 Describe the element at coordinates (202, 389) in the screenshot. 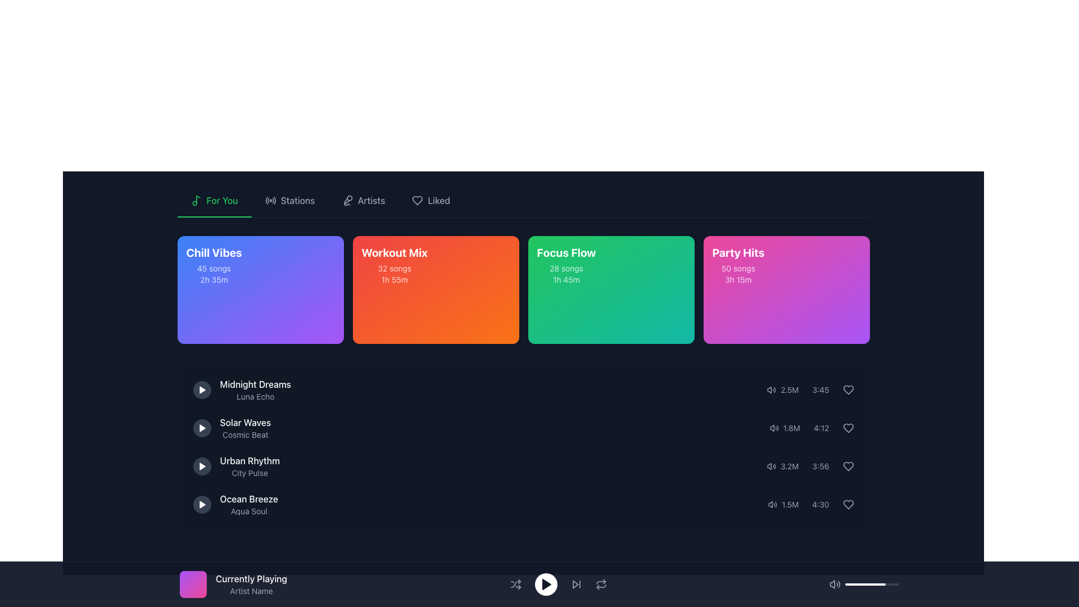

I see `the upward-pointing triangle play button within the circular graphic for the 'Midnight Dreams' track in the first row of the song list` at that location.